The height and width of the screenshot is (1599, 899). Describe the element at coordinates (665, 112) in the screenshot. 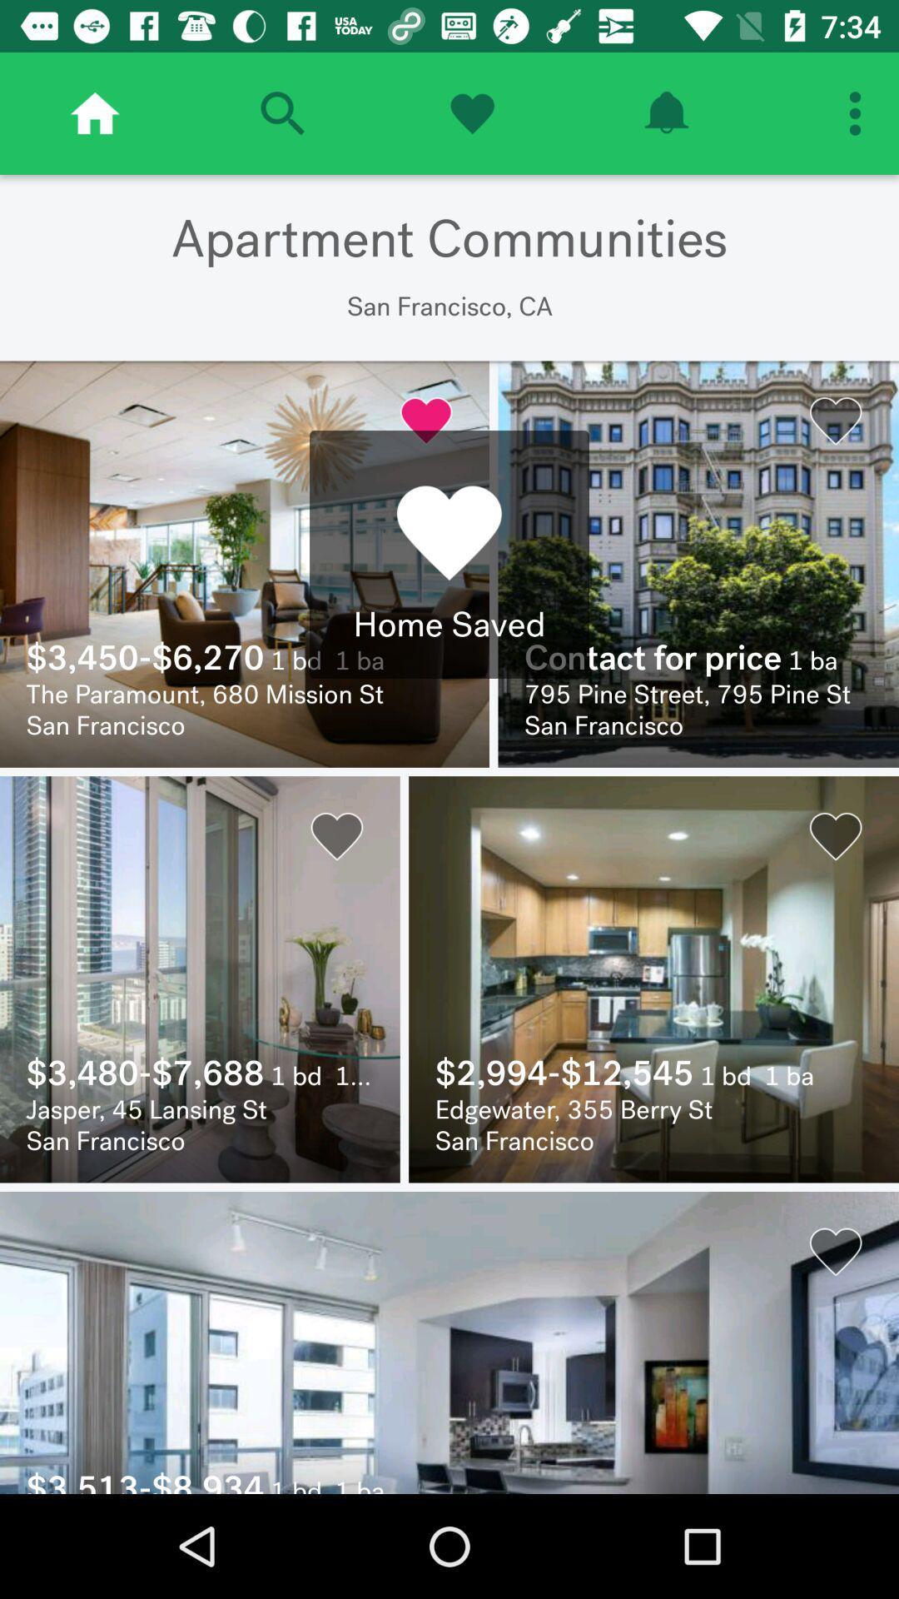

I see `show alerts` at that location.